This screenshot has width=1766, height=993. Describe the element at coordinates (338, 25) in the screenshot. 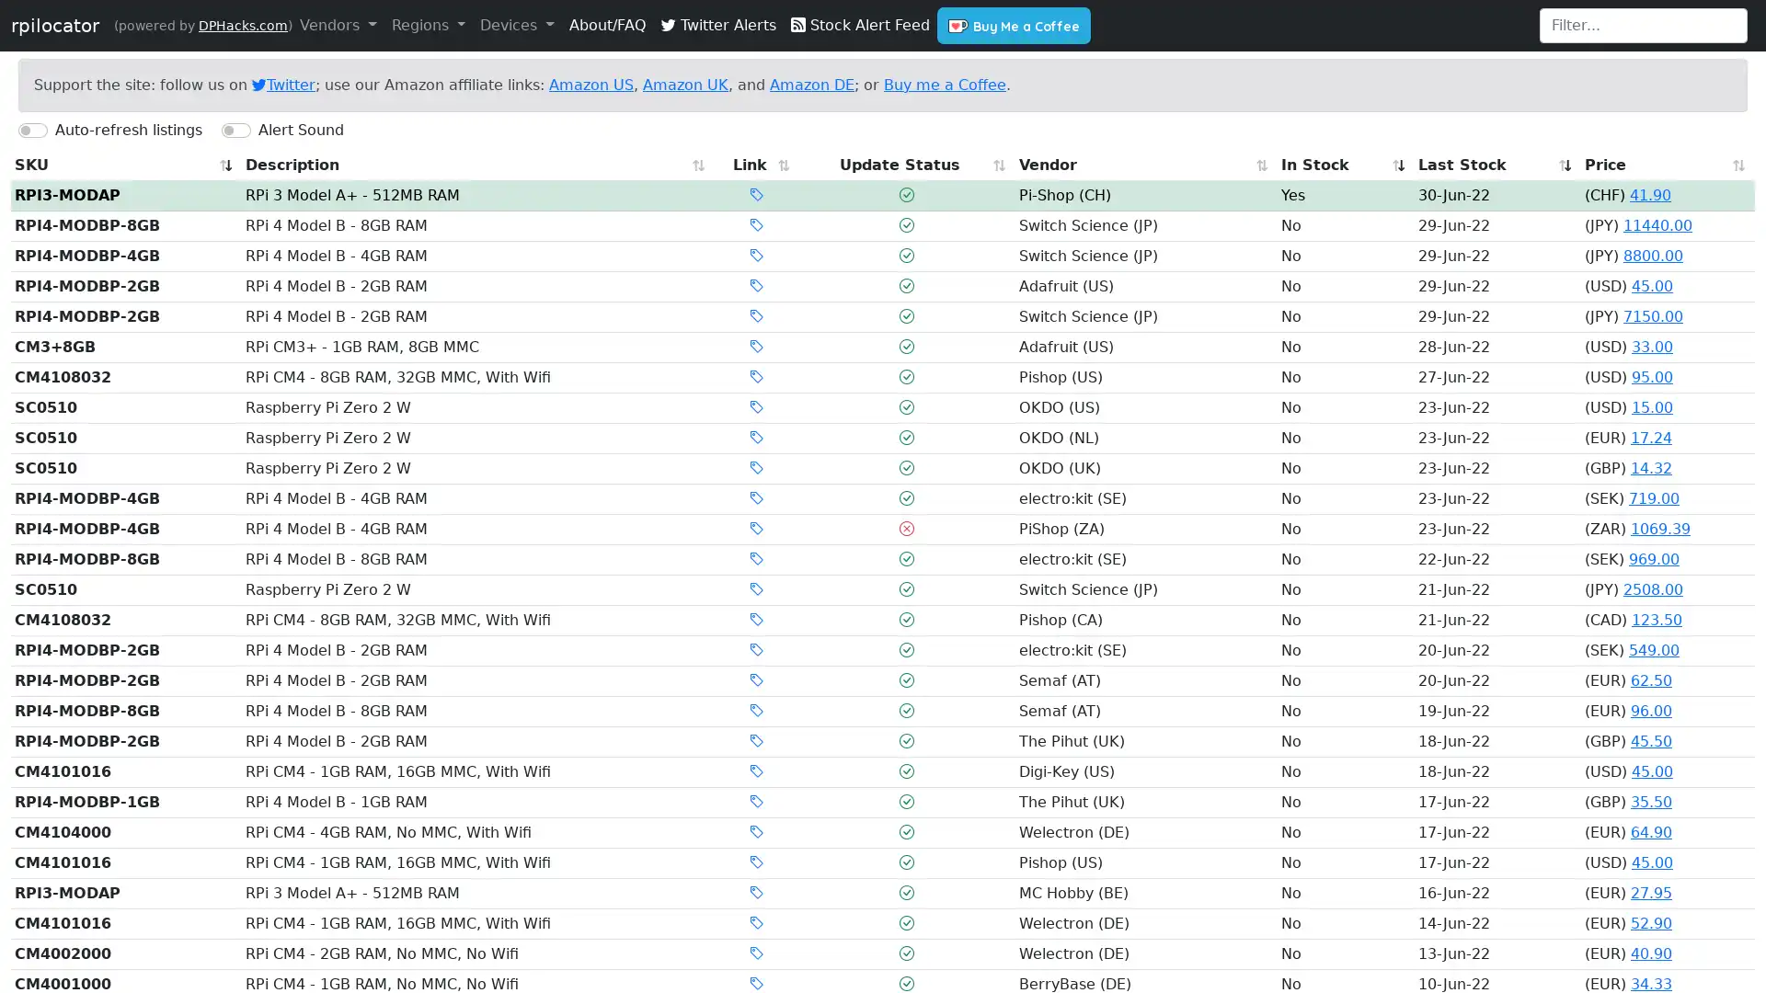

I see `Vendors` at that location.